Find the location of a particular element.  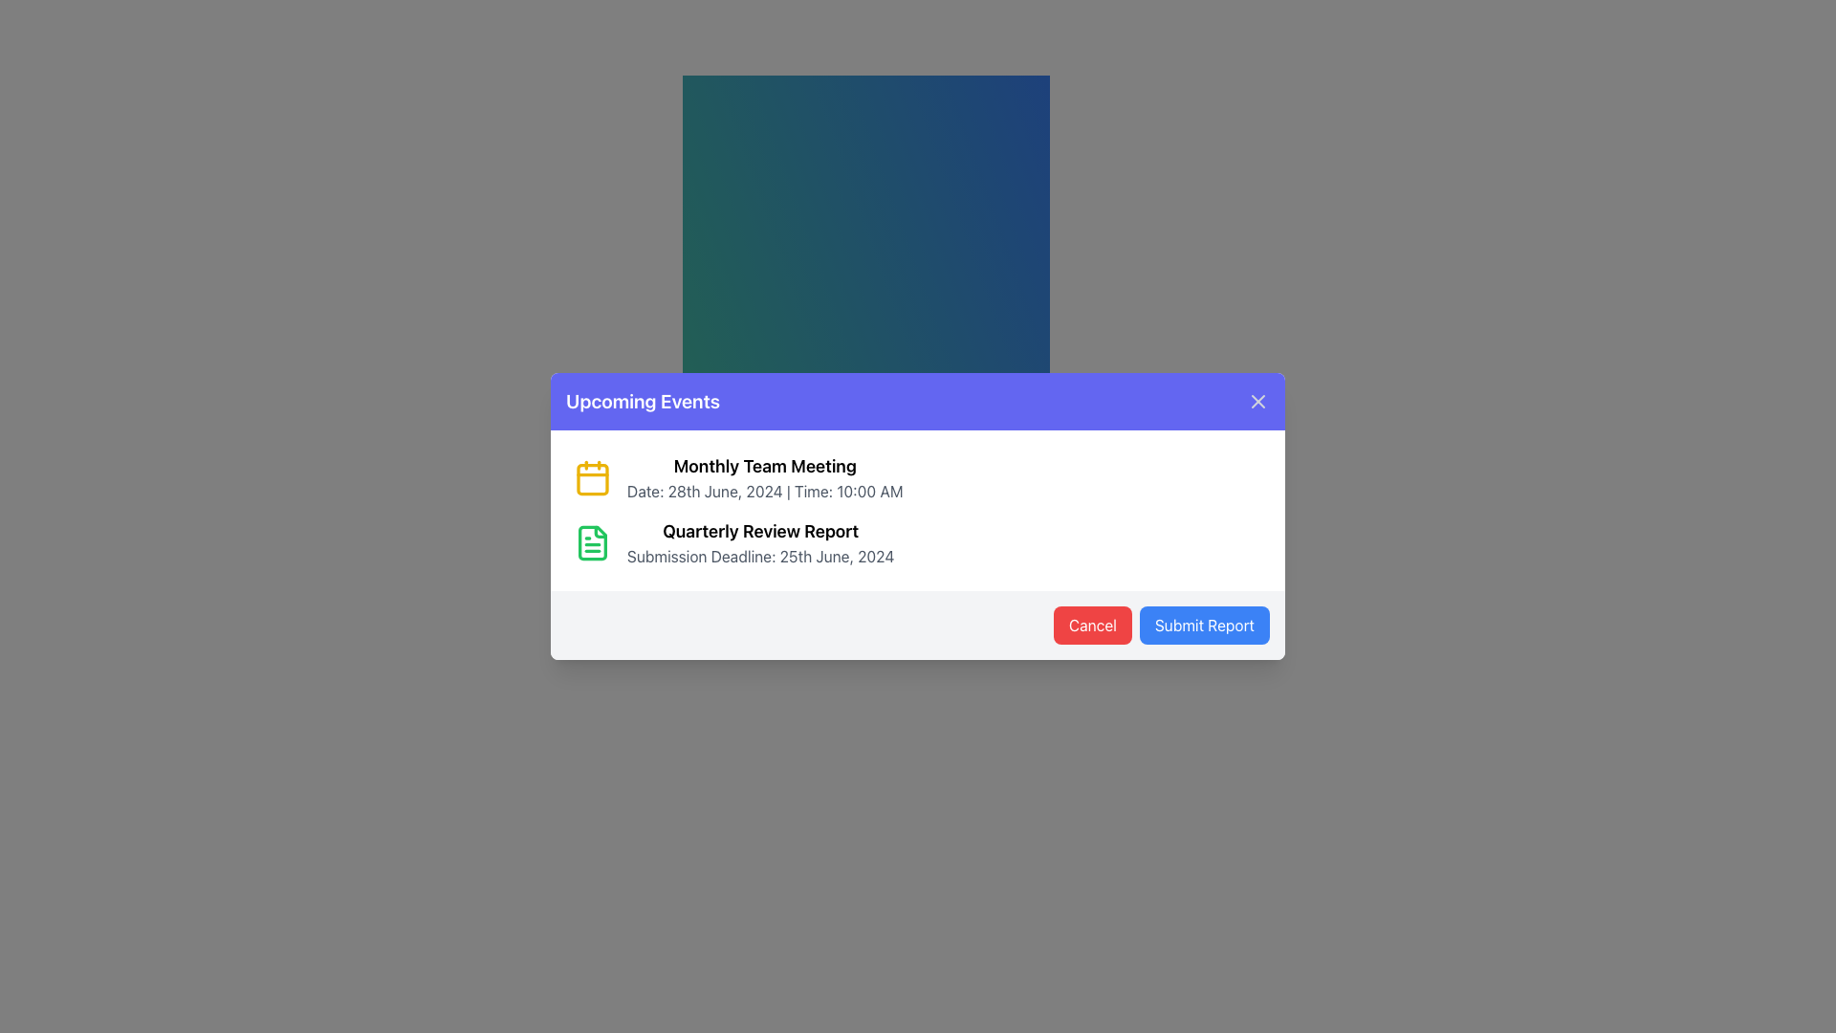

the blue 'Submit Report' button located at the bottom-right corner of the dialog box is located at coordinates (1203, 626).